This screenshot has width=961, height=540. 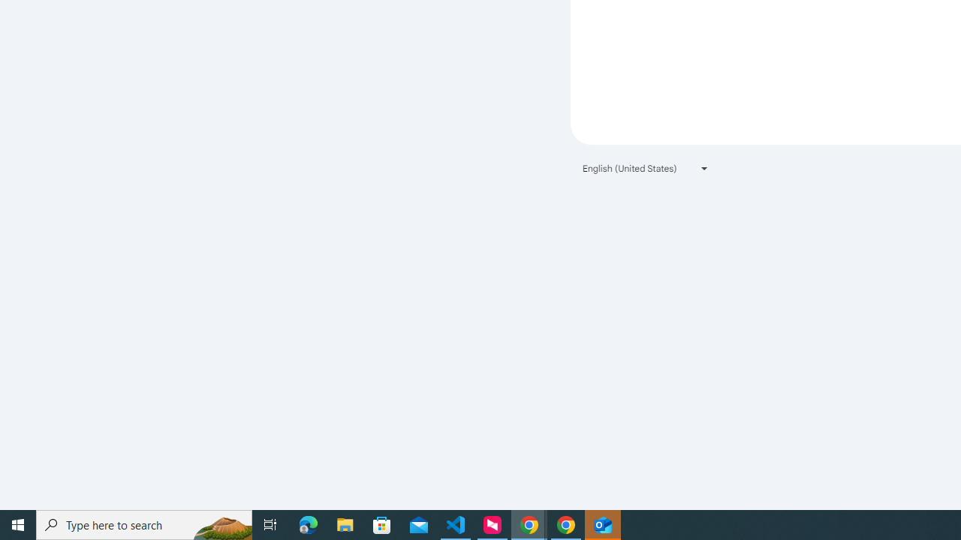 What do you see at coordinates (646, 168) in the screenshot?
I see `'English (United States)'` at bounding box center [646, 168].